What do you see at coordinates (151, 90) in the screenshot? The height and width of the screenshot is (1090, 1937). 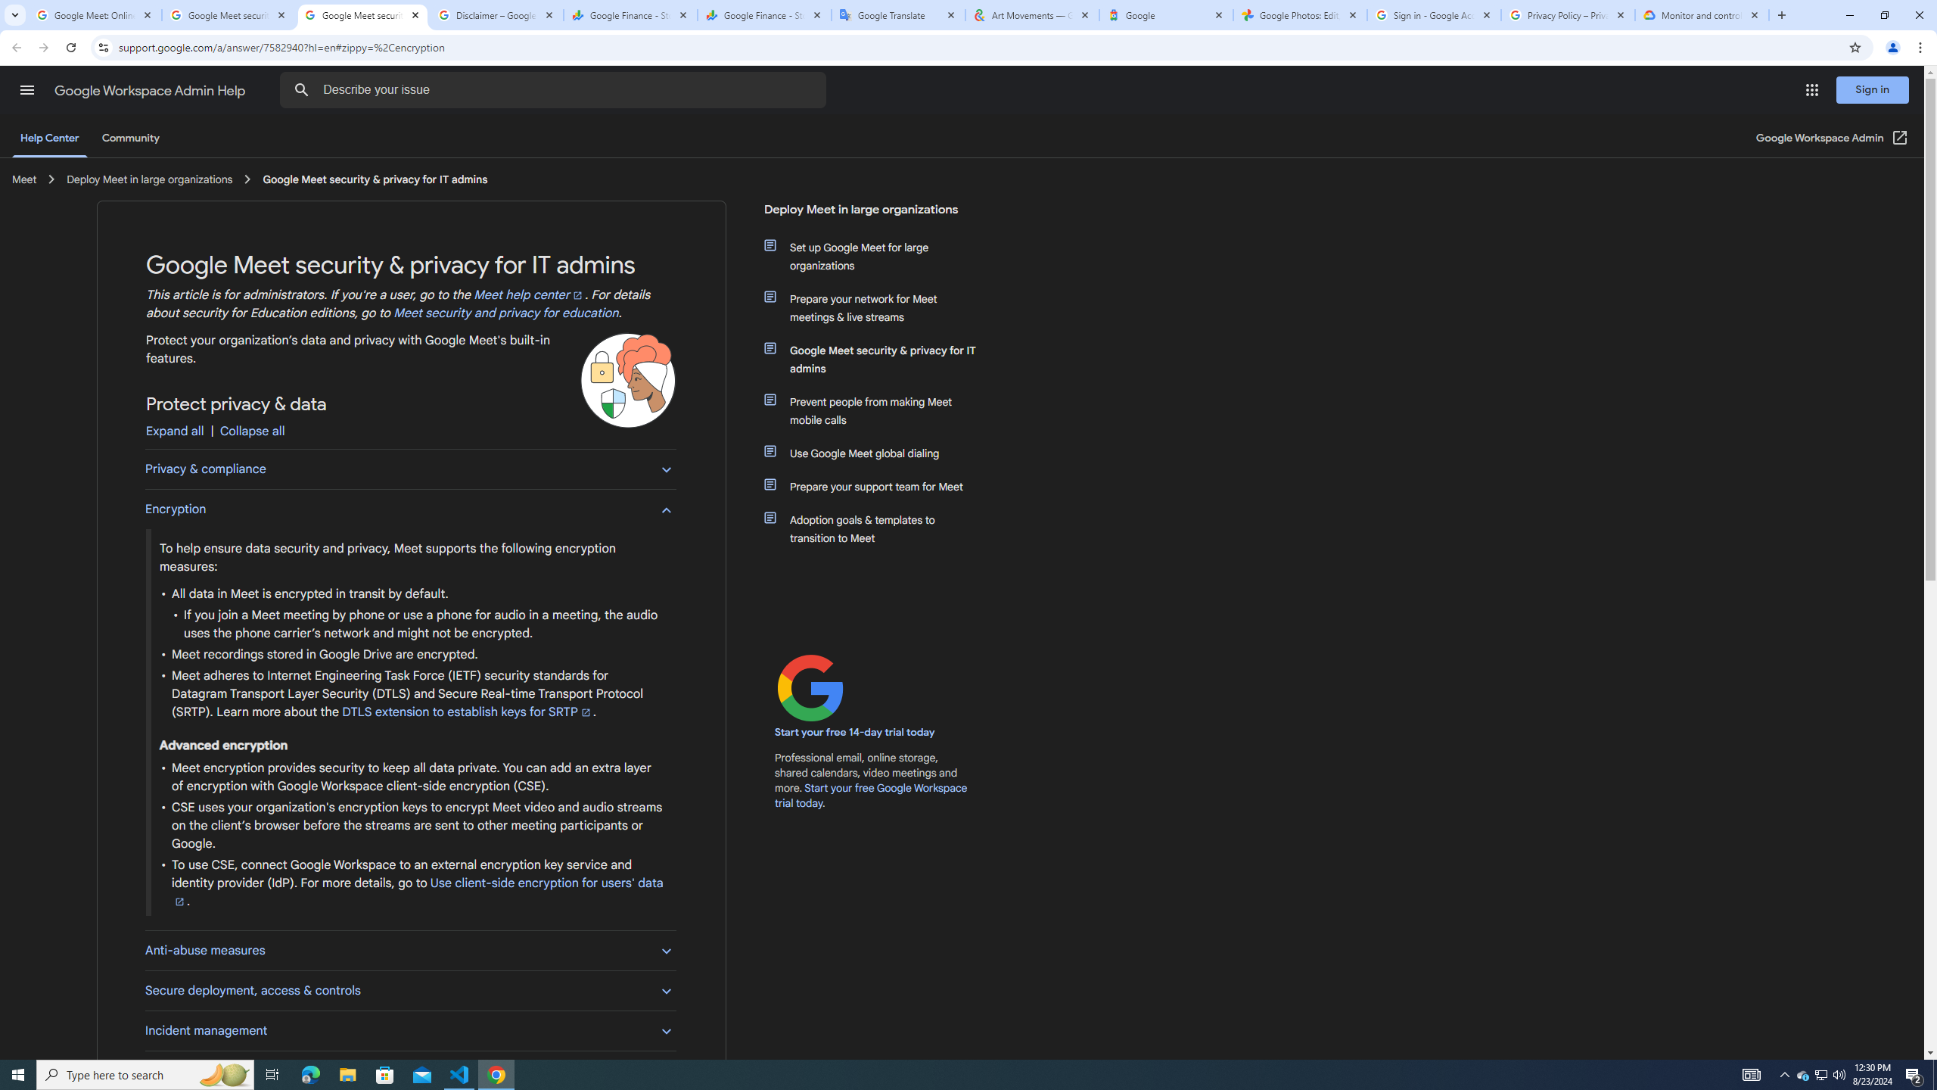 I see `'Google Workspace Admin Help'` at bounding box center [151, 90].